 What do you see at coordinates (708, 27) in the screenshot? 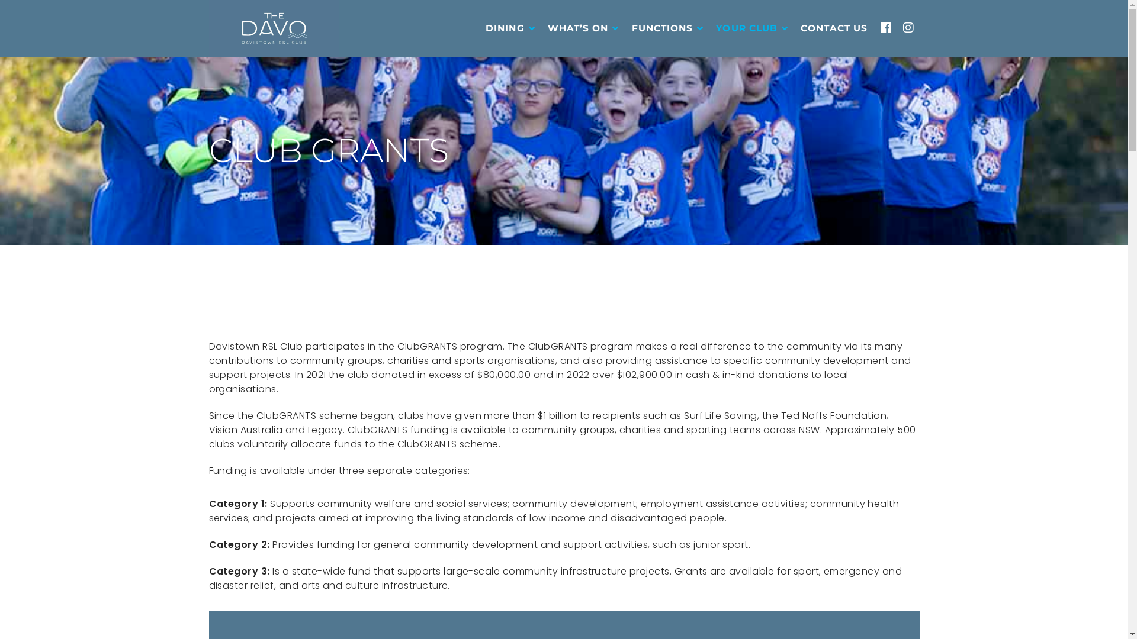
I see `'YOUR CLUB'` at bounding box center [708, 27].